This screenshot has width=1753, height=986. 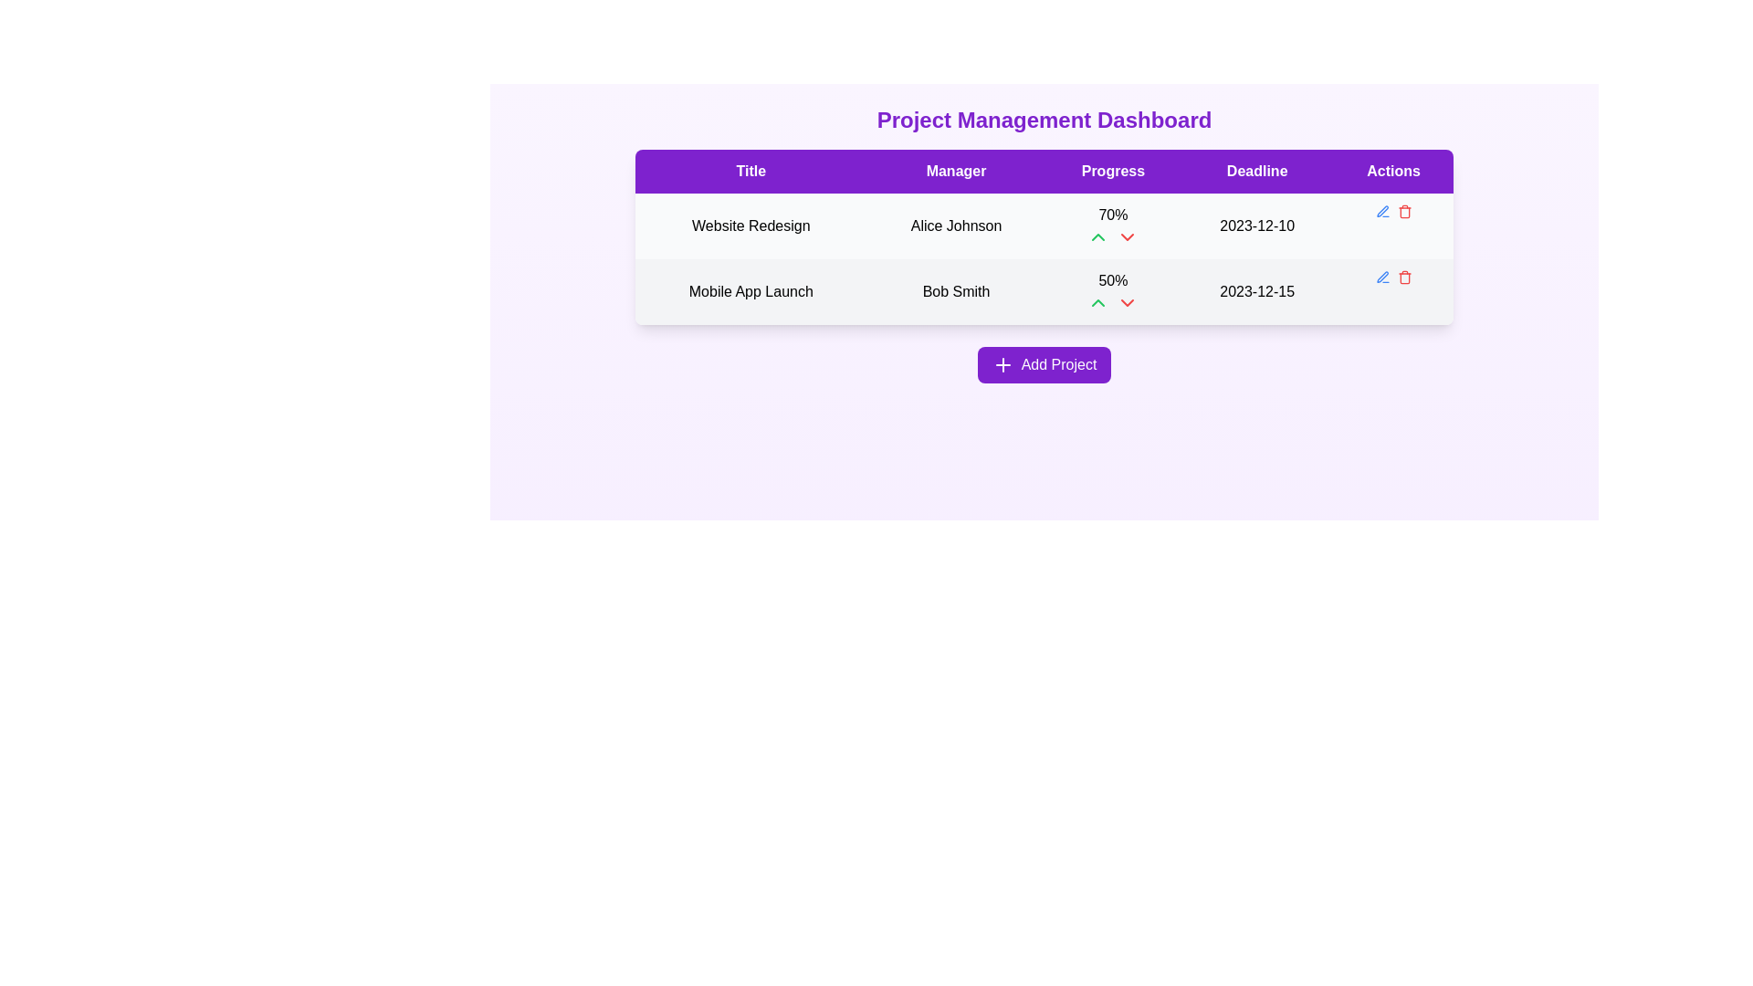 What do you see at coordinates (1392, 210) in the screenshot?
I see `the action icons in the 'Actions' column of the Project Management Dashboard` at bounding box center [1392, 210].